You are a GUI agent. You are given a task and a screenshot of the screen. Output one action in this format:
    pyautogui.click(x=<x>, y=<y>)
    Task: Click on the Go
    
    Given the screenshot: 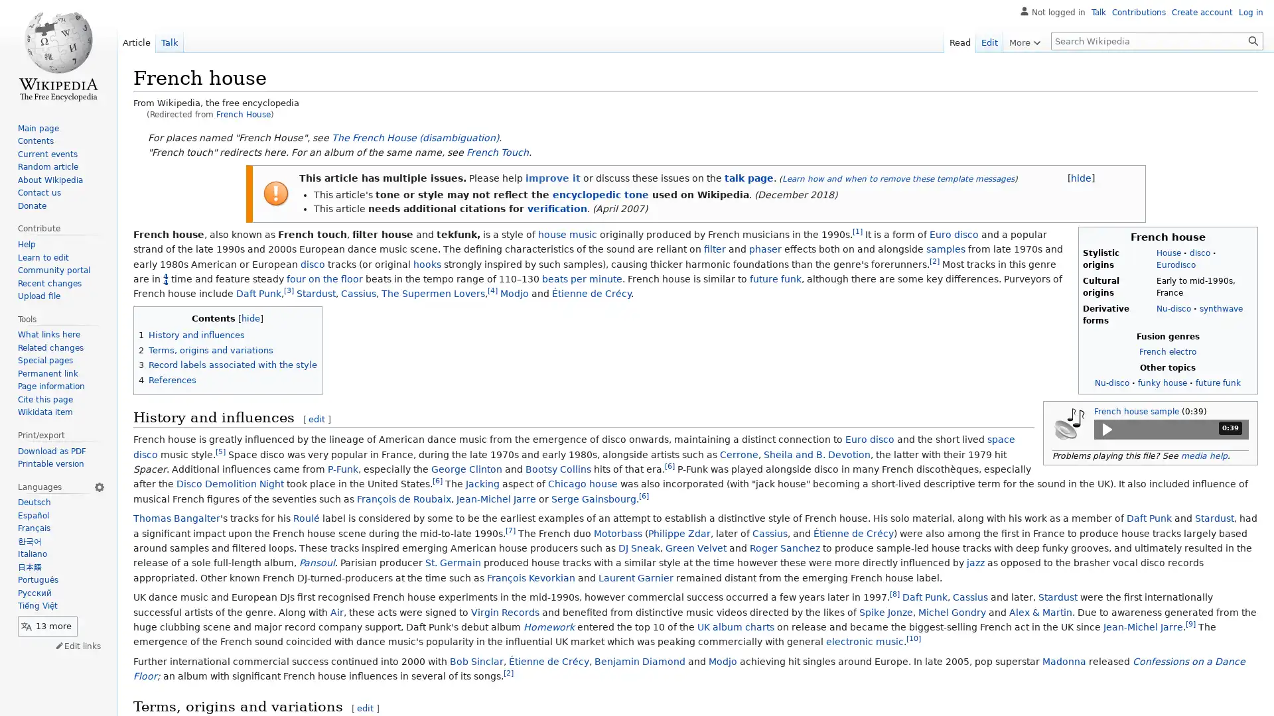 What is the action you would take?
    pyautogui.click(x=1253, y=40)
    